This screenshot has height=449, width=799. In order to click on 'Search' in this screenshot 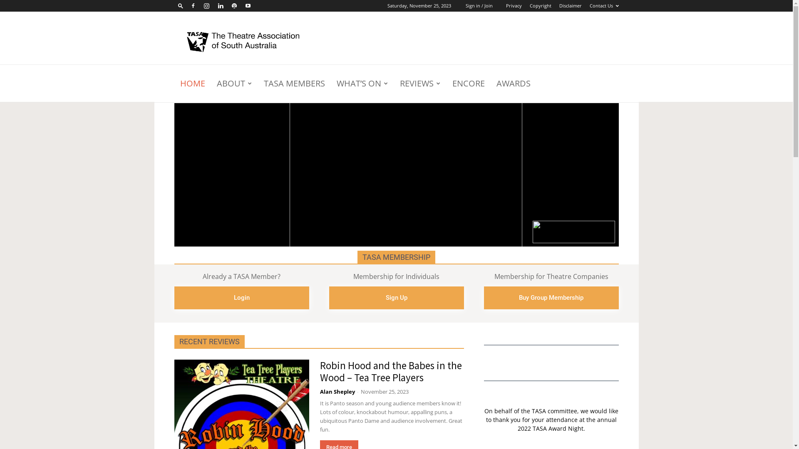, I will do `click(231, 35)`.